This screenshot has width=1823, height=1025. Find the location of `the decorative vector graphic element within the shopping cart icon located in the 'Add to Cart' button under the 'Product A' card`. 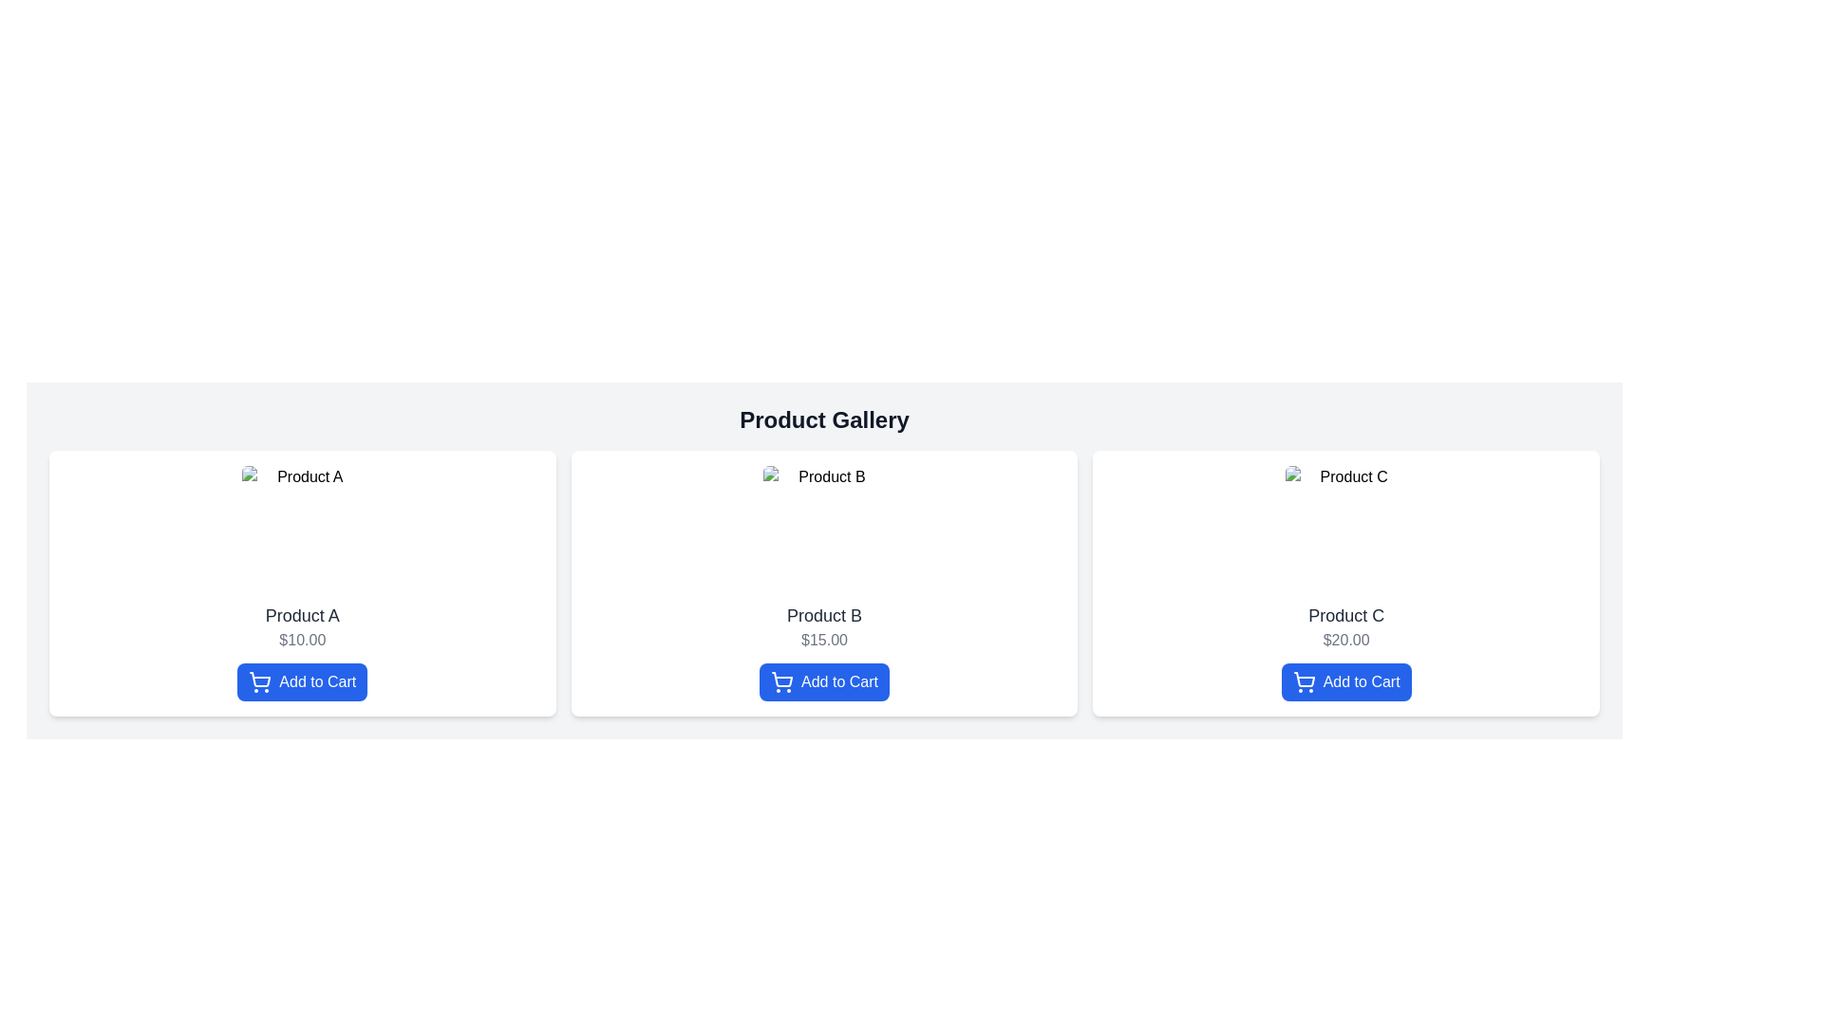

the decorative vector graphic element within the shopping cart icon located in the 'Add to Cart' button under the 'Product A' card is located at coordinates (259, 679).